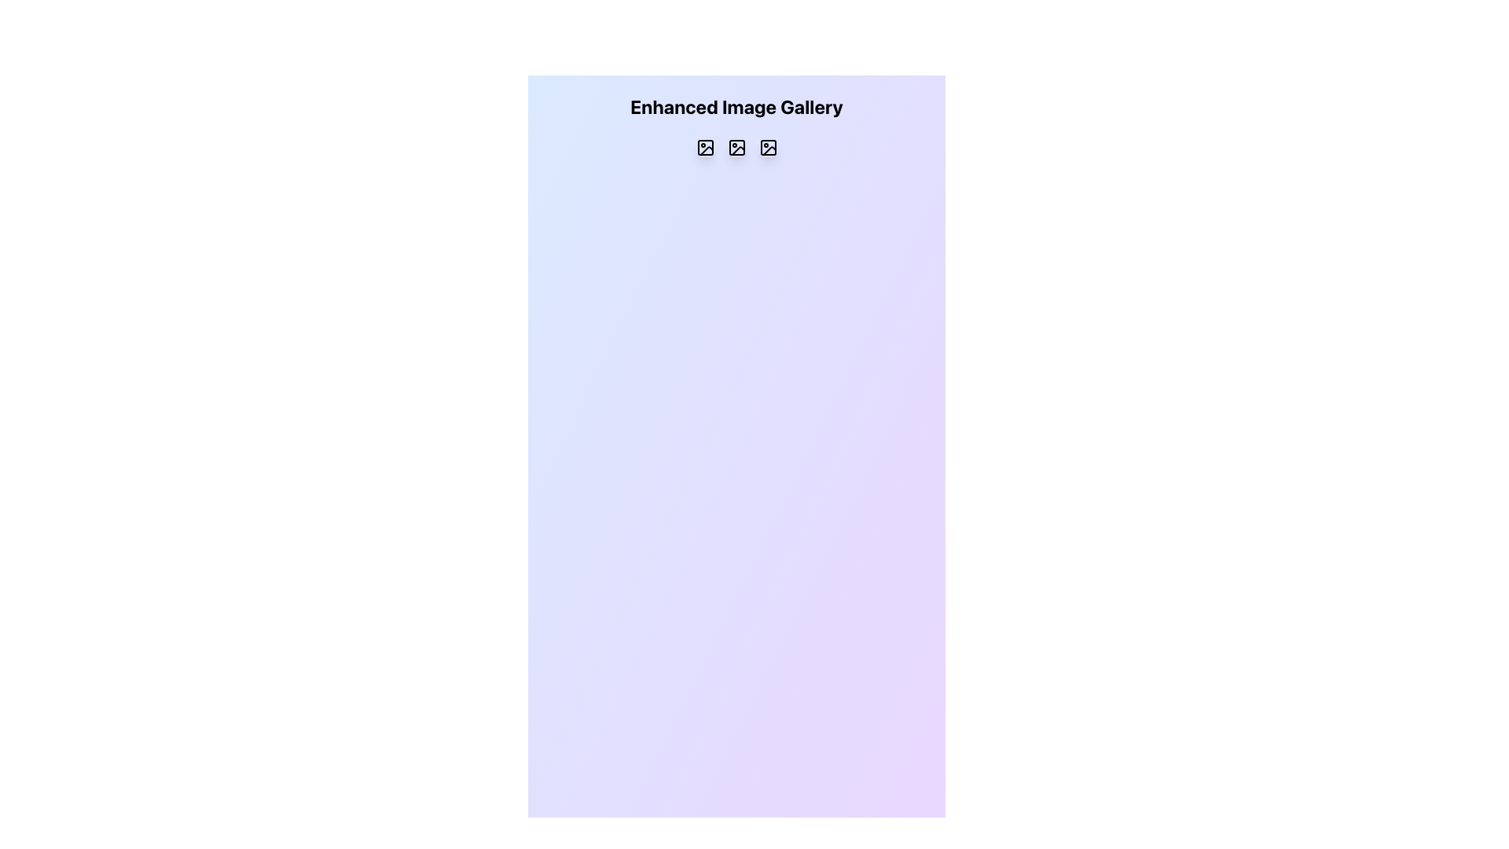  What do you see at coordinates (736, 148) in the screenshot?
I see `the second image placeholder icon in the Enhanced Image Gallery located below the title` at bounding box center [736, 148].